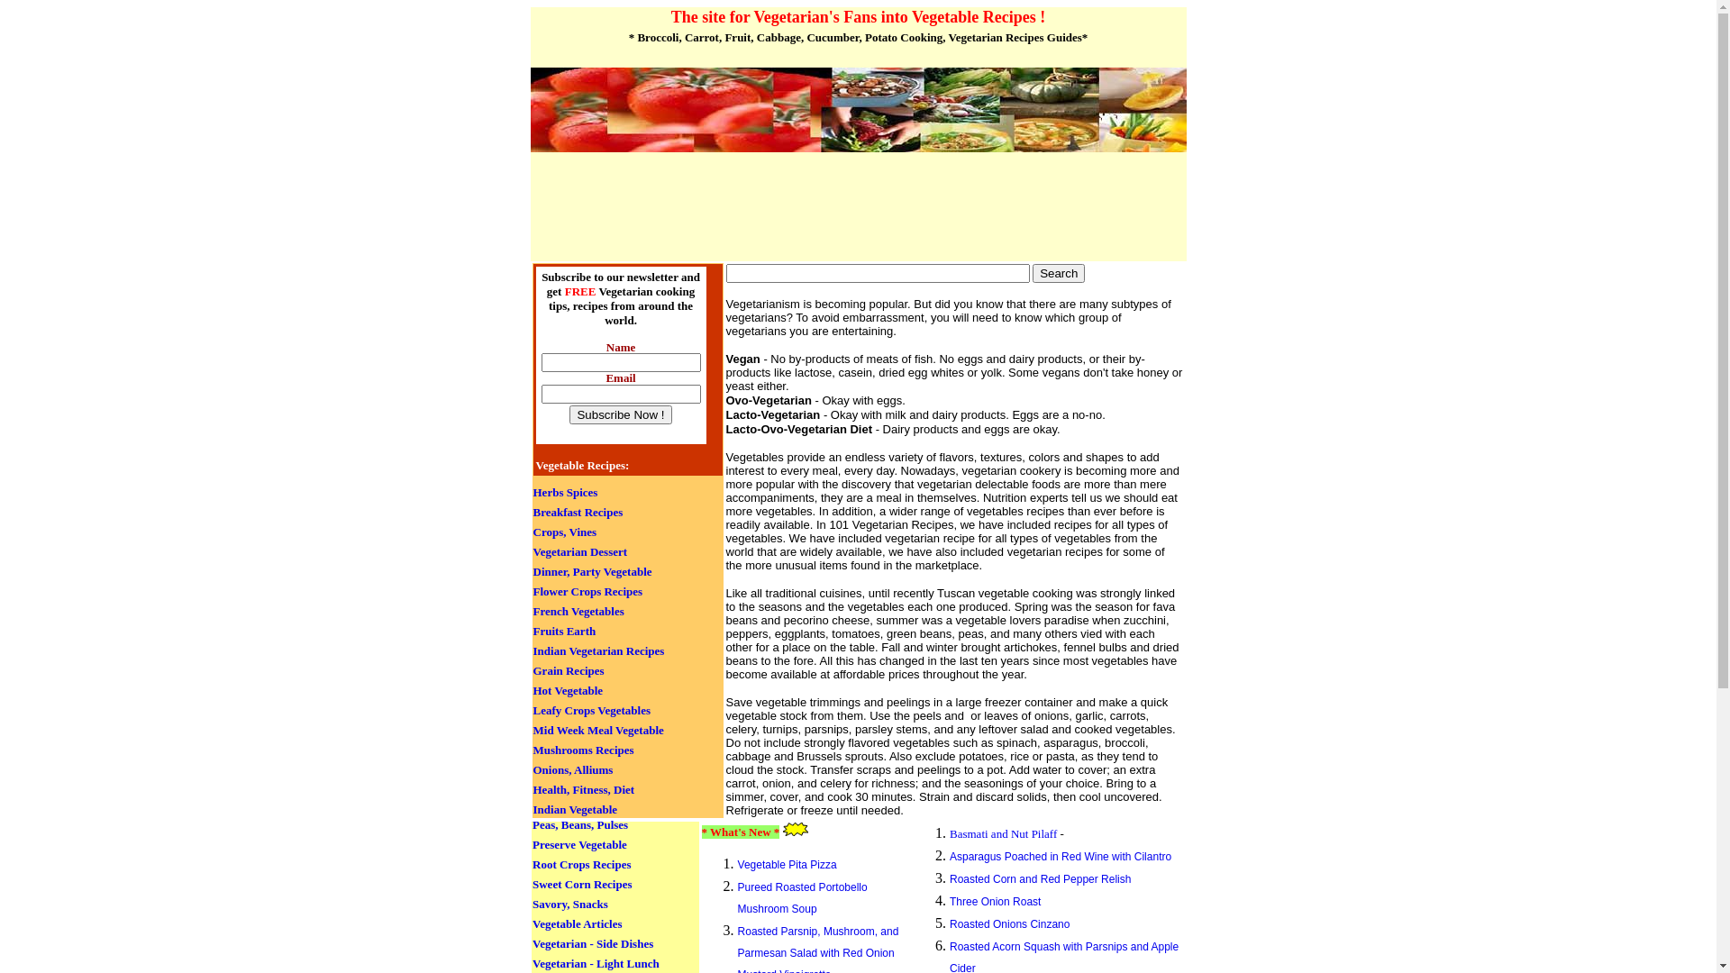 The width and height of the screenshot is (1730, 973). I want to click on 'Root Crops Recipes', so click(582, 863).